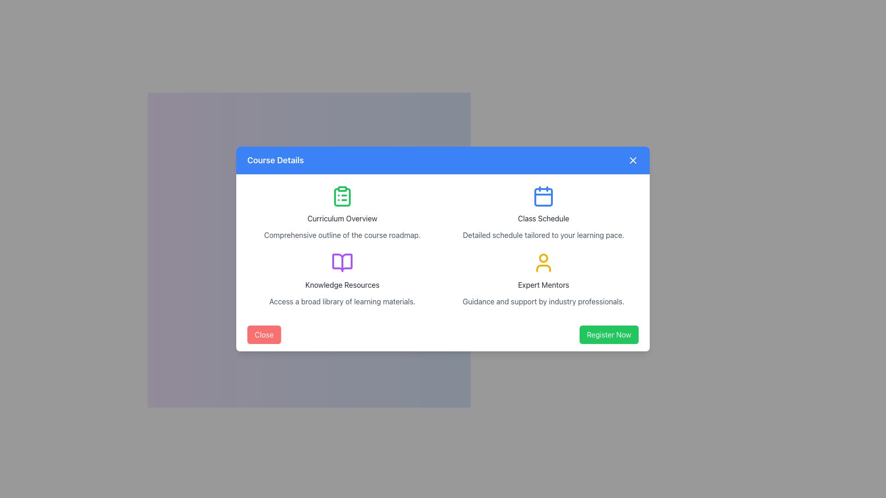 The width and height of the screenshot is (886, 498). Describe the element at coordinates (543, 213) in the screenshot. I see `the Informational card titled 'Class Schedule' which features a calendar icon and is located in the top-right position of a two-by-two grid layout` at that location.